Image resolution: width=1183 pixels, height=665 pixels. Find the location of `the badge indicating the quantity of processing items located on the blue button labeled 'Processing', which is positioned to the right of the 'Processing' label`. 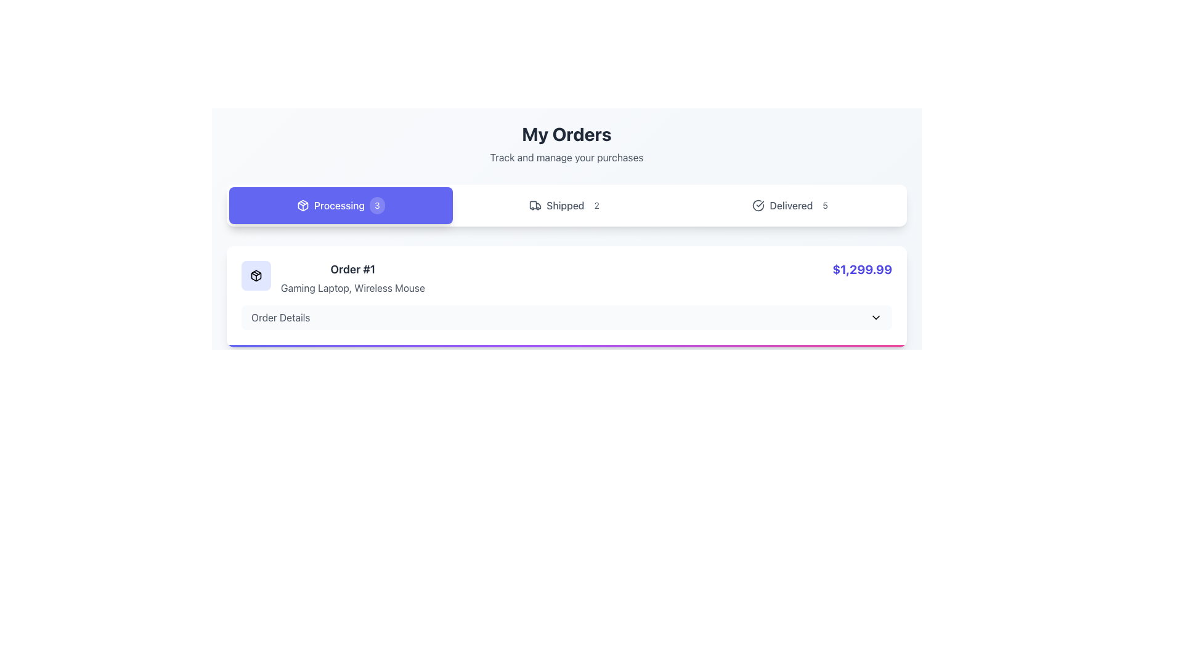

the badge indicating the quantity of processing items located on the blue button labeled 'Processing', which is positioned to the right of the 'Processing' label is located at coordinates (376, 205).